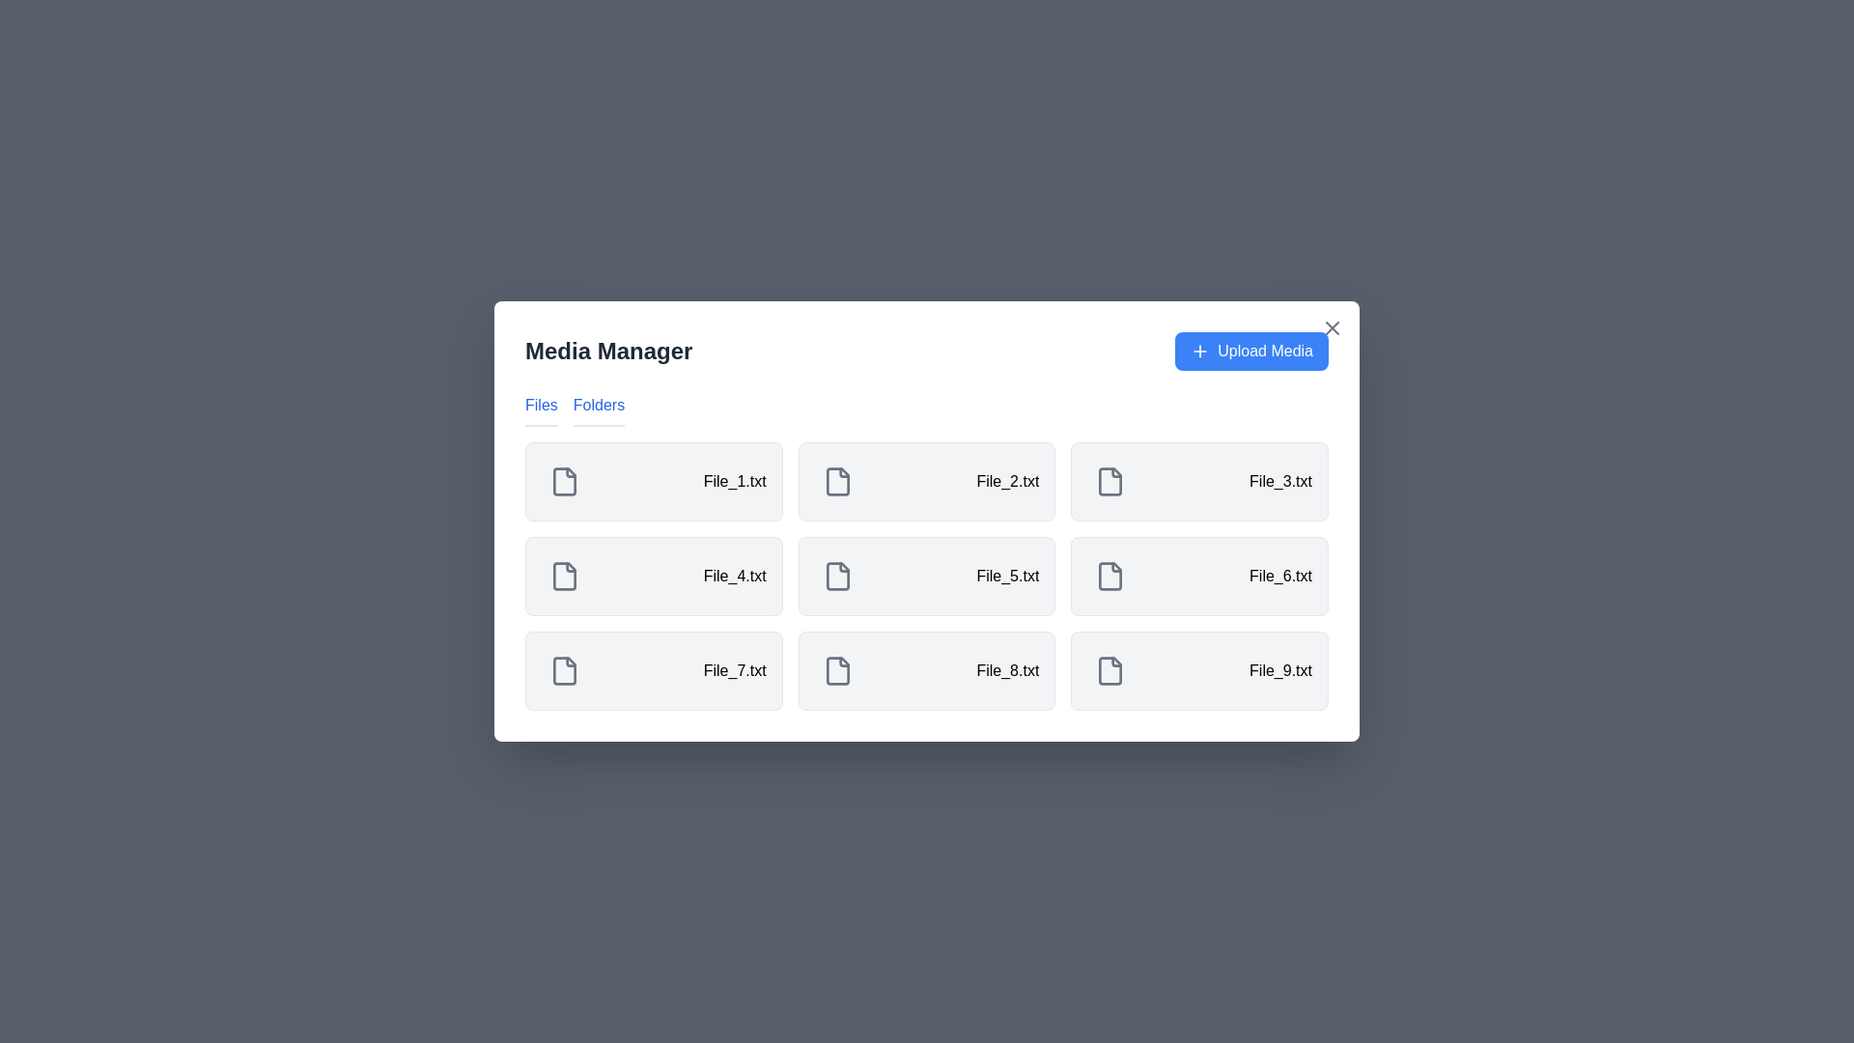 This screenshot has height=1043, width=1854. What do you see at coordinates (837, 480) in the screenshot?
I see `the icon representing the file 'File_2.txt', located in the top-right block of the first row in the grid layout` at bounding box center [837, 480].